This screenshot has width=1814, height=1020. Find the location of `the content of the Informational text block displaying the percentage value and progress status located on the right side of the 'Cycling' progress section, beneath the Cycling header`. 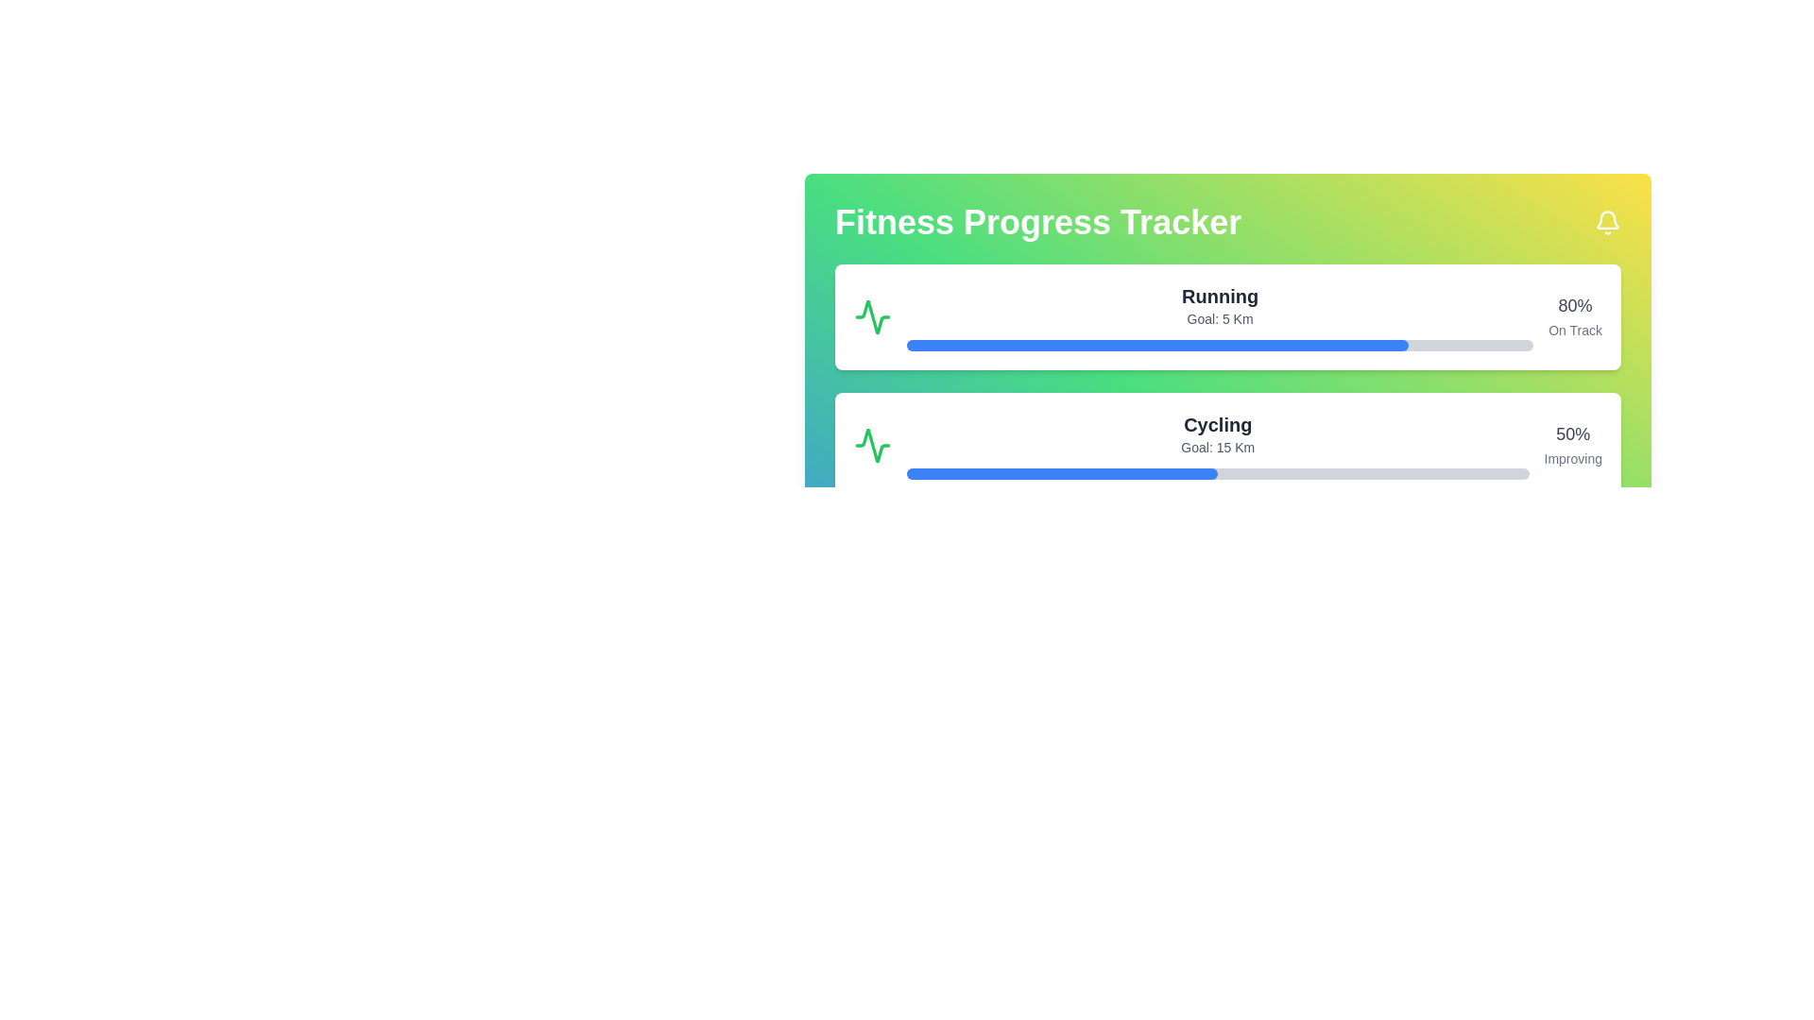

the content of the Informational text block displaying the percentage value and progress status located on the right side of the 'Cycling' progress section, beneath the Cycling header is located at coordinates (1573, 445).